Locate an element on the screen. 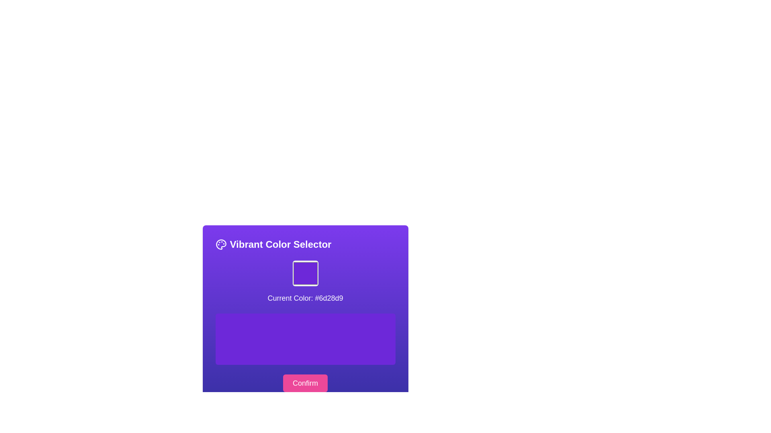  the palette icon located in the top left area of the 'Vibrant Color Selector' card's header section, adjacent to the title is located at coordinates (221, 244).